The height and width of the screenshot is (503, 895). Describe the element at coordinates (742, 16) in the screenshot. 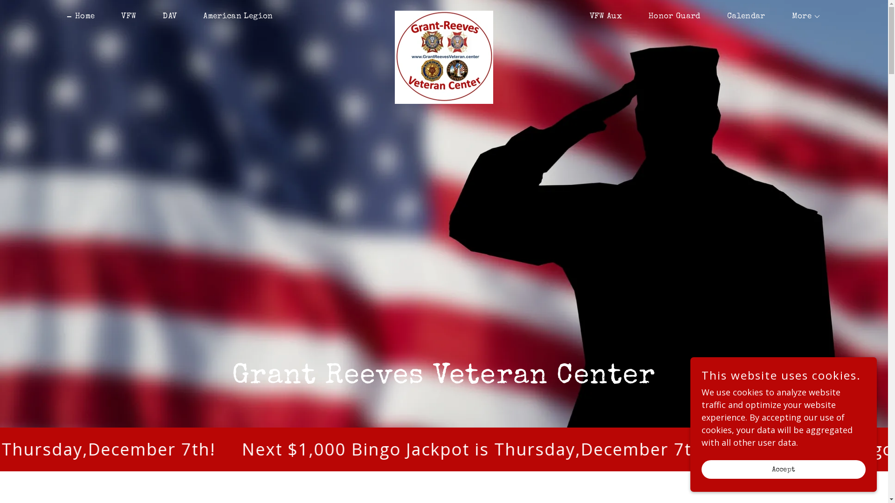

I see `'Calendar'` at that location.